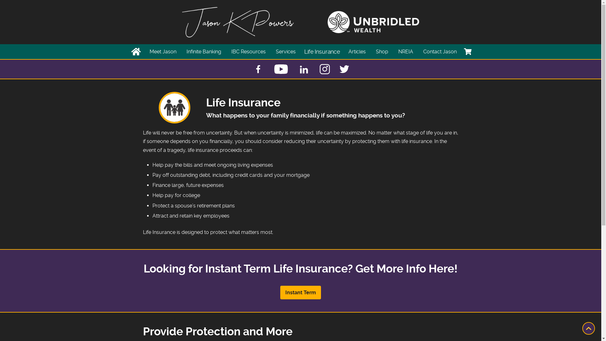 The image size is (606, 341). I want to click on 'Shop', so click(381, 51).